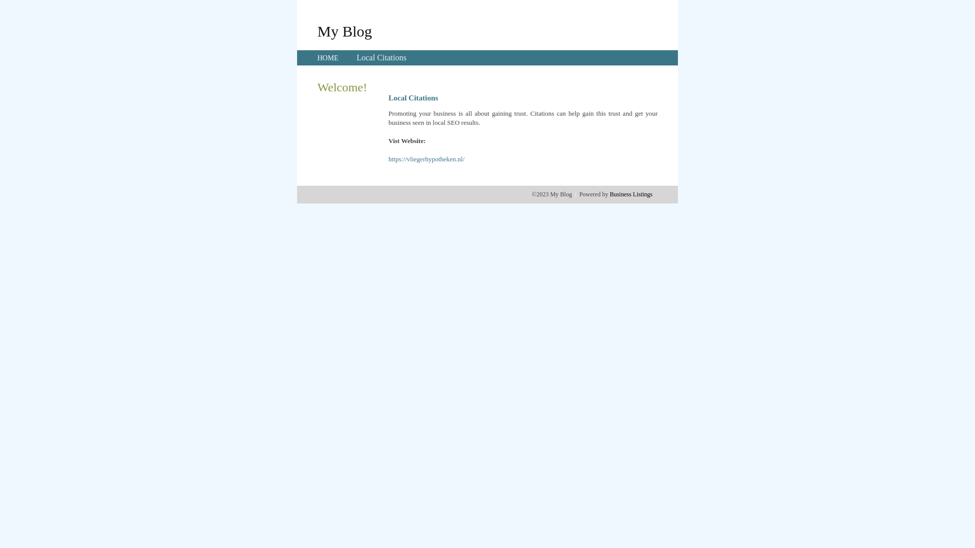 This screenshot has width=975, height=548. I want to click on 'Business Listings', so click(631, 194).